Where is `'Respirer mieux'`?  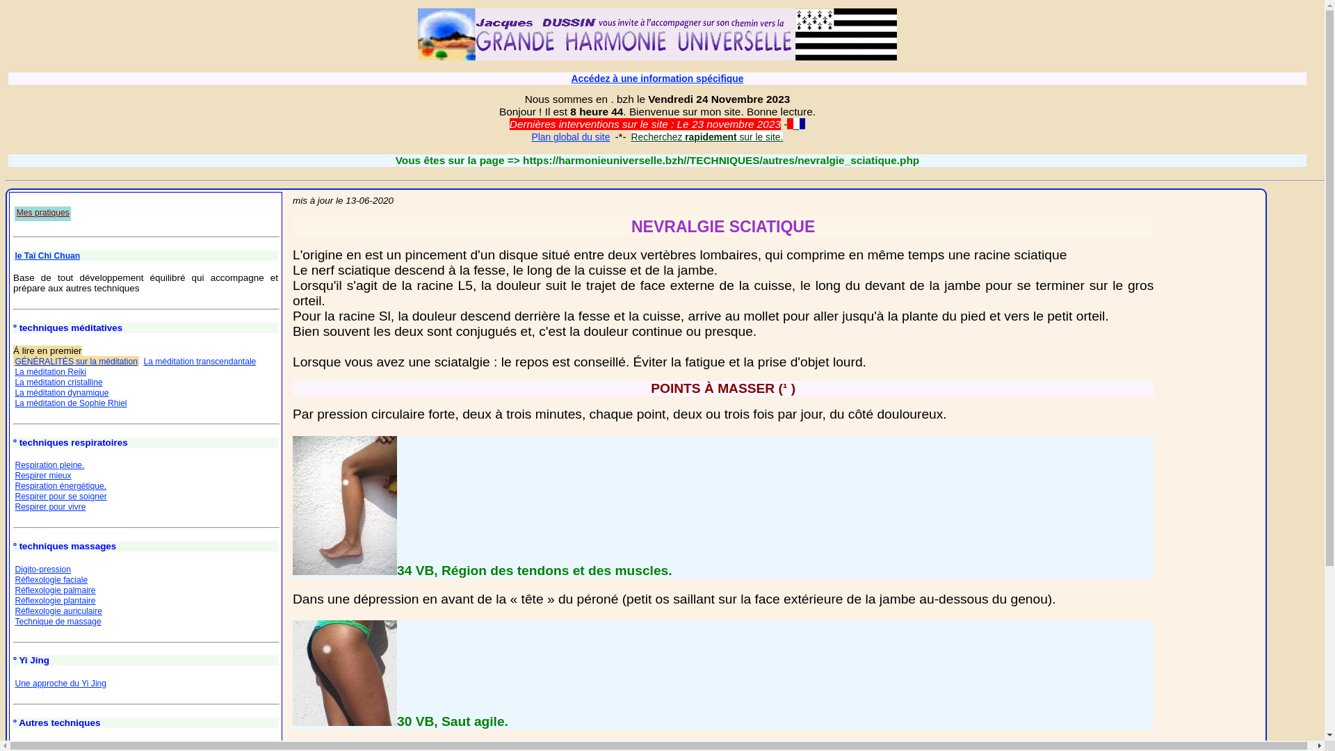
'Respirer mieux' is located at coordinates (42, 474).